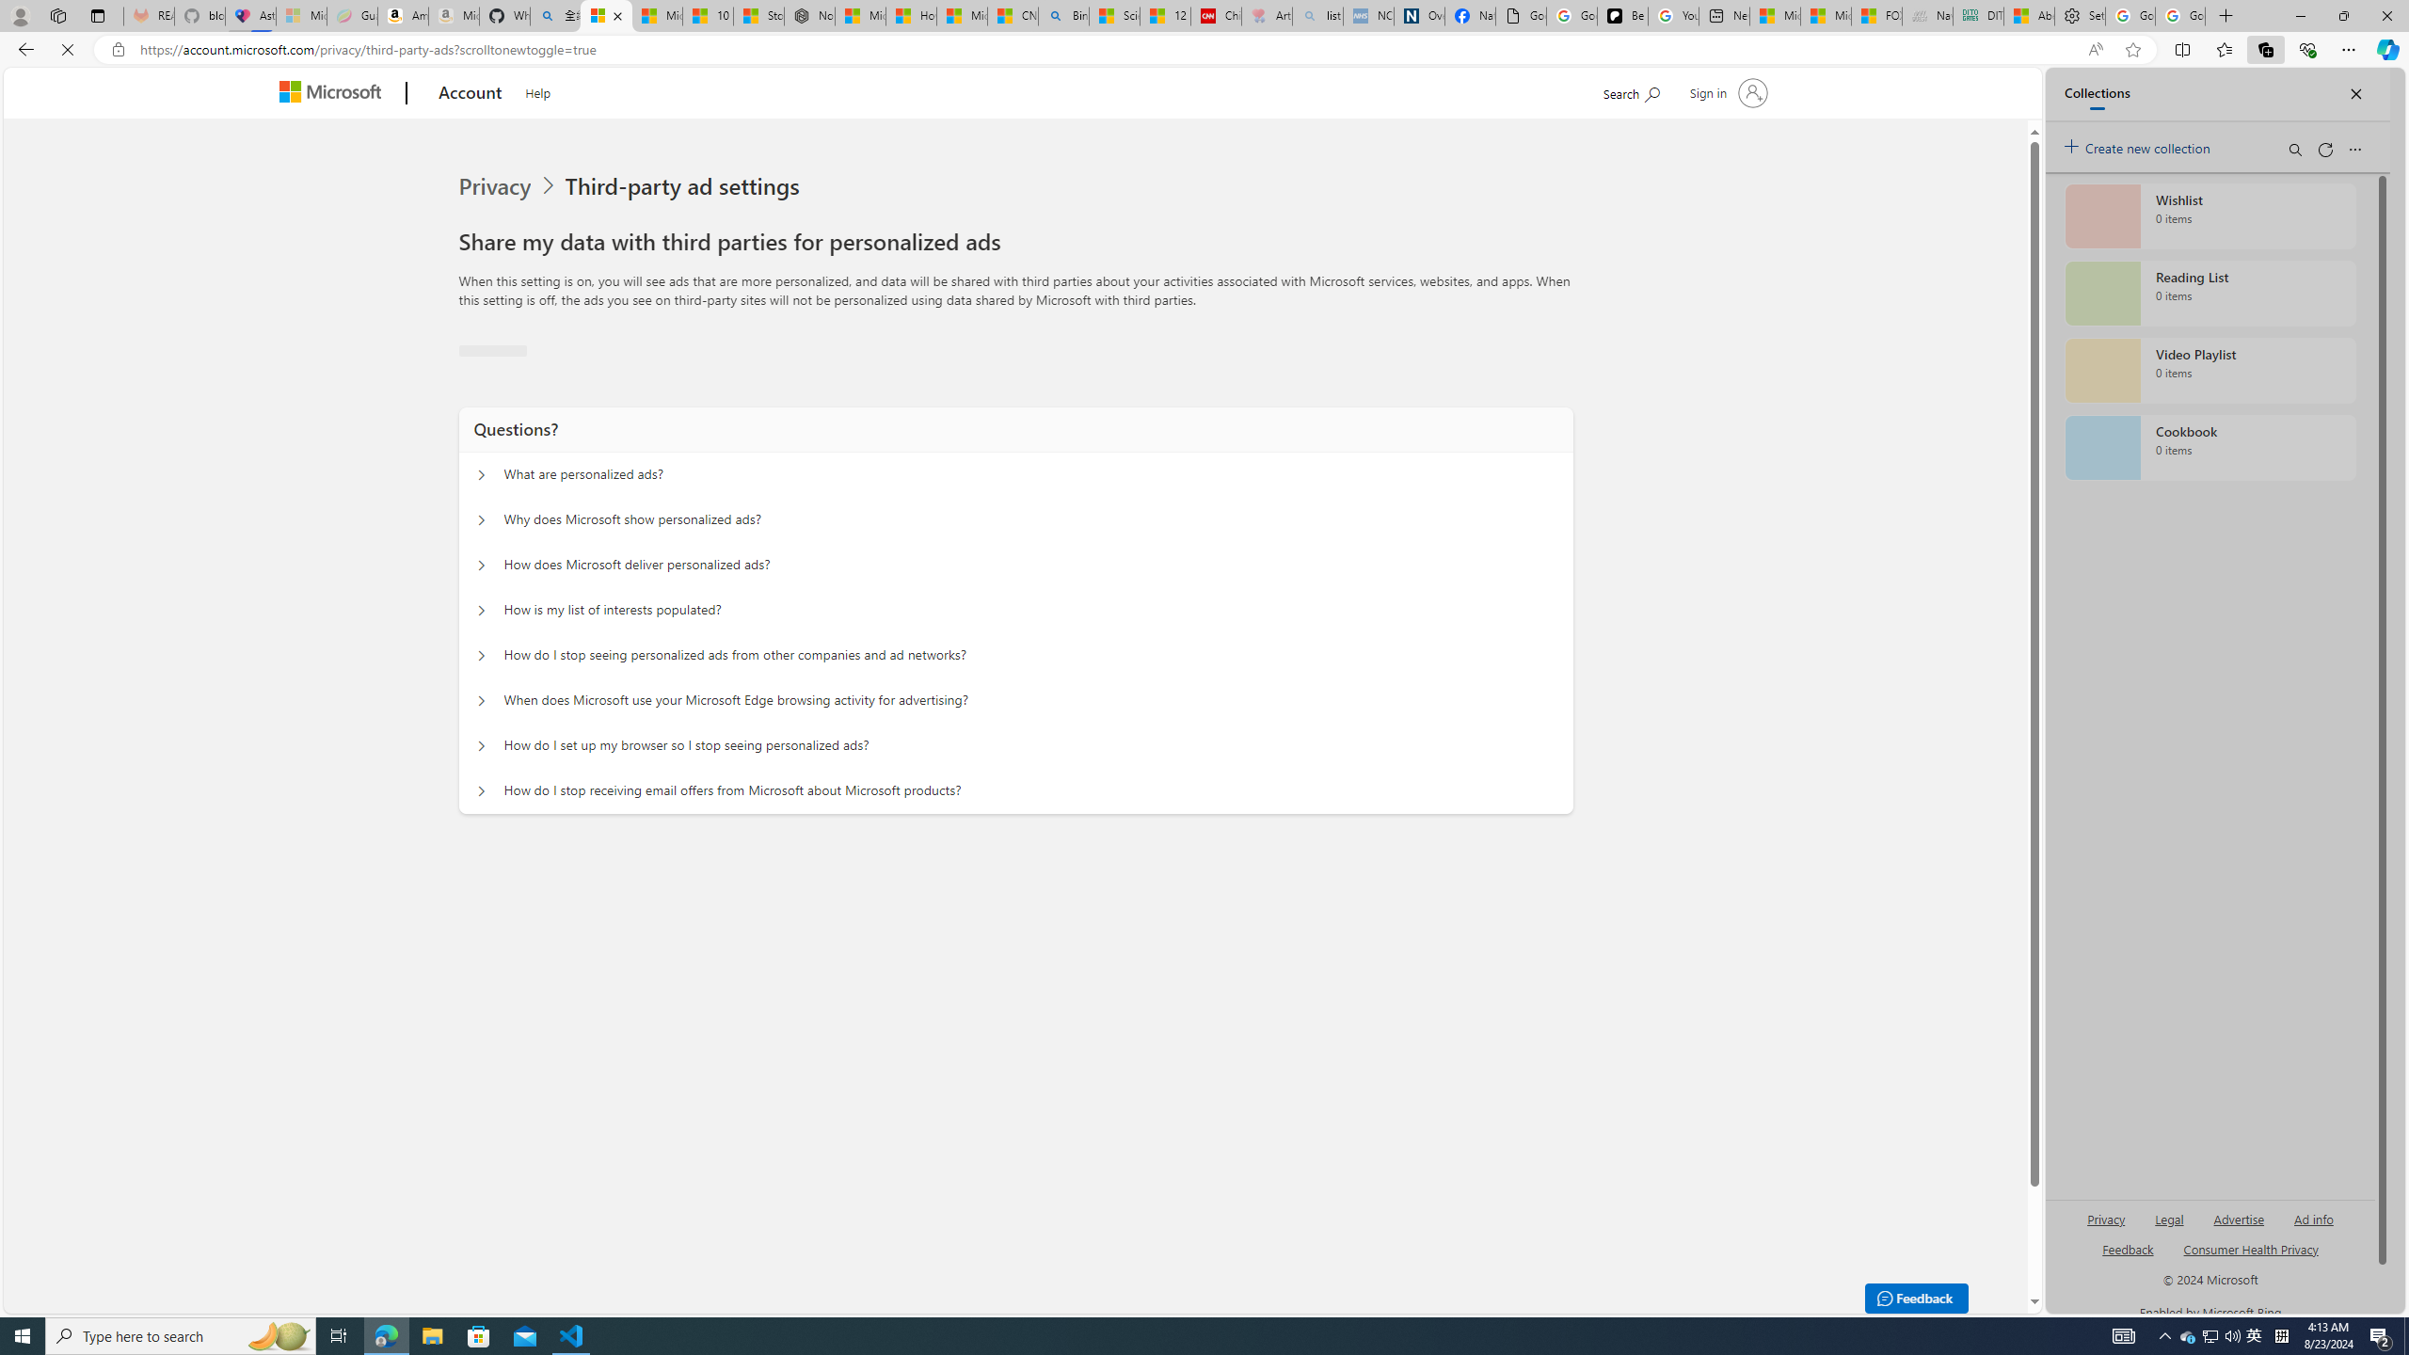 This screenshot has width=2409, height=1355. Describe the element at coordinates (1062, 15) in the screenshot. I see `'Bing'` at that location.